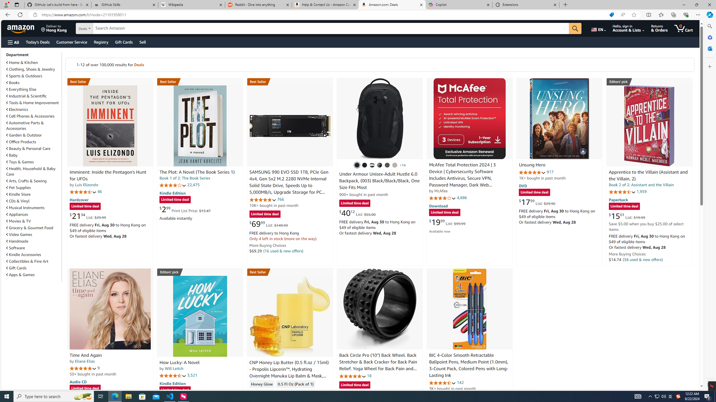 This screenshot has height=402, width=716. What do you see at coordinates (27, 261) in the screenshot?
I see `'Collectibles & Fine Art'` at bounding box center [27, 261].